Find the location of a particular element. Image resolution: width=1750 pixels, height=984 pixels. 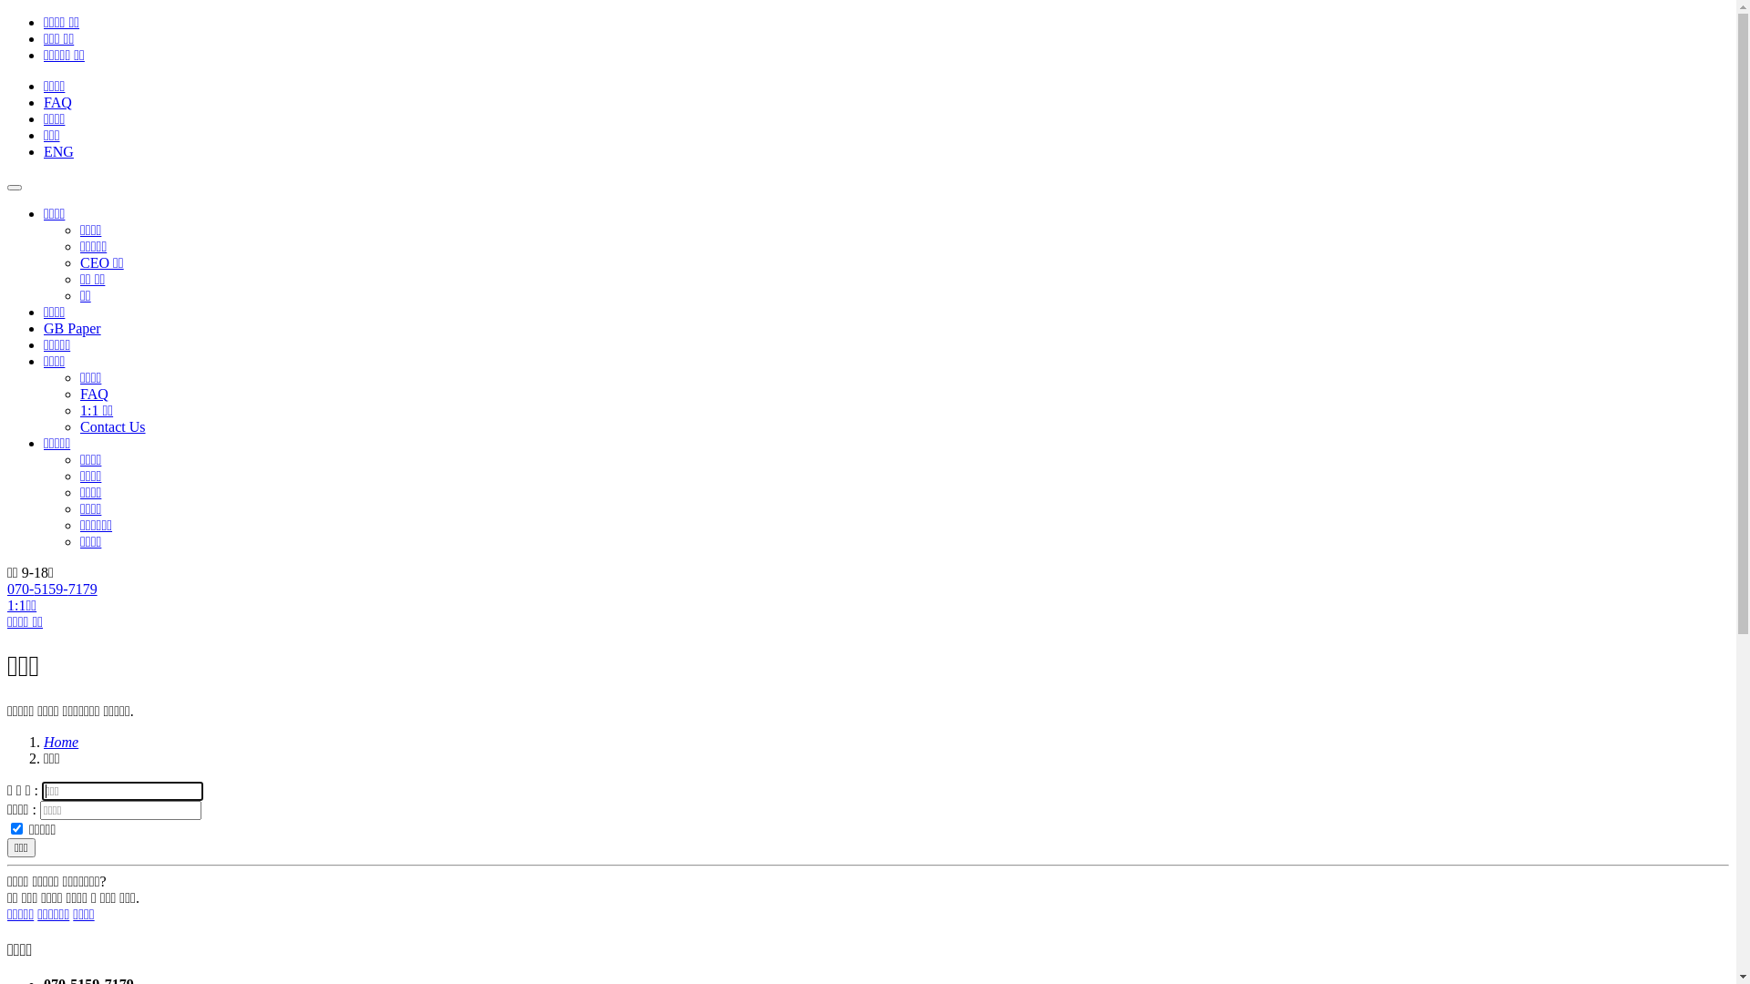

'GB Paper' is located at coordinates (44, 328).